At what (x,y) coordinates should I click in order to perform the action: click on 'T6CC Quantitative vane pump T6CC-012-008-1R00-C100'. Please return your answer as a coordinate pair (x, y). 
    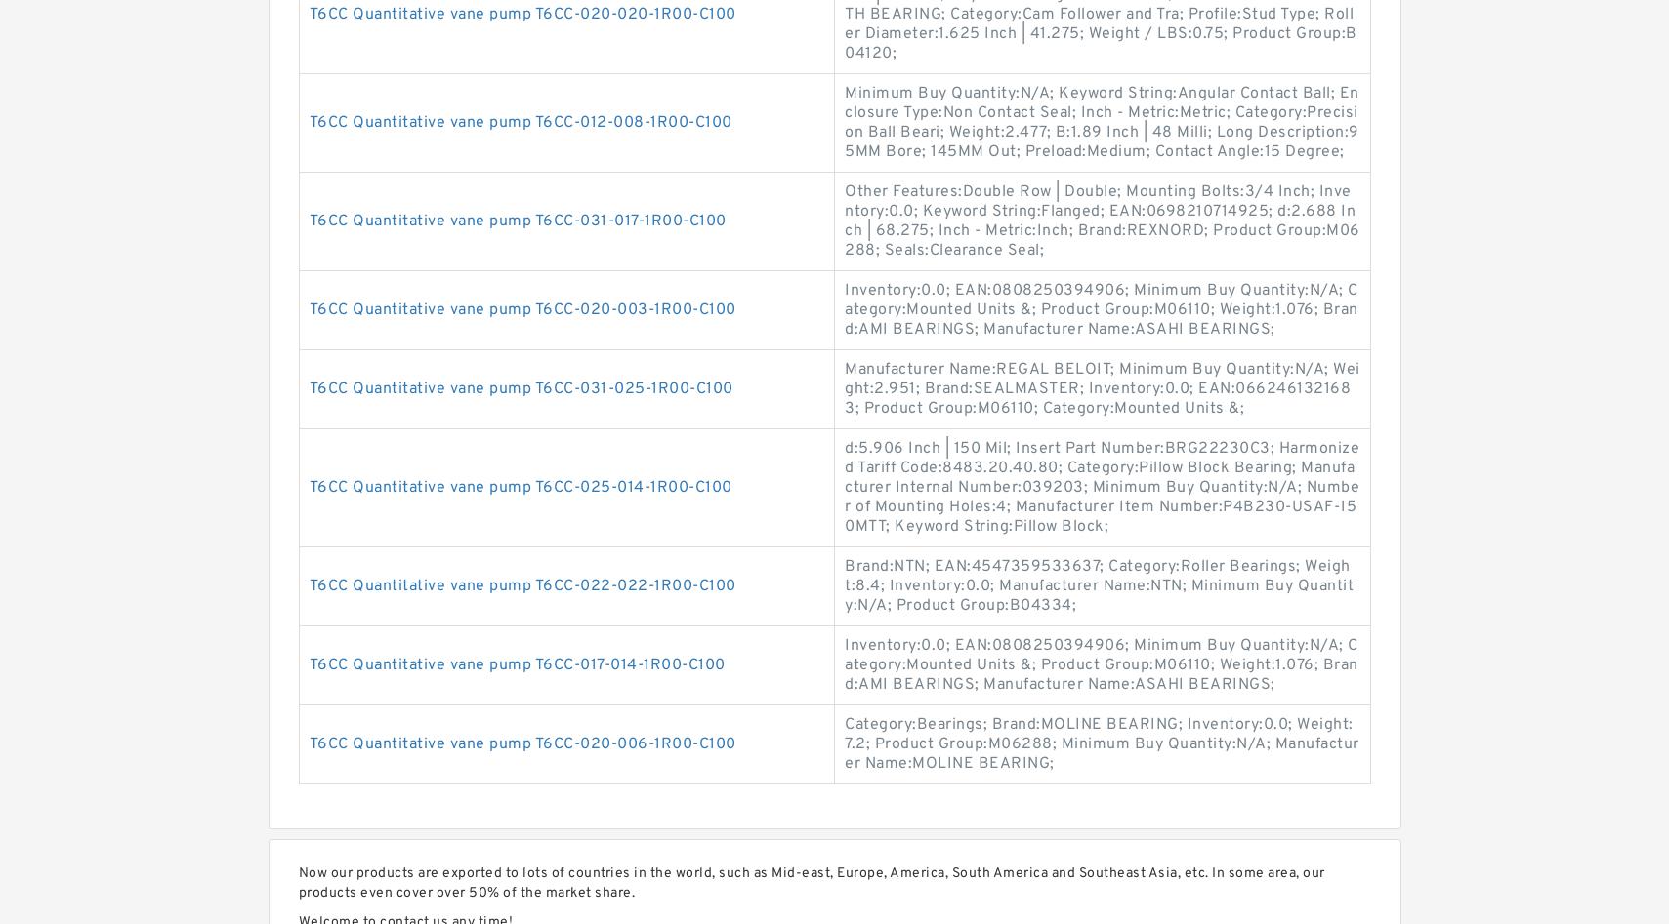
    Looking at the image, I should click on (519, 122).